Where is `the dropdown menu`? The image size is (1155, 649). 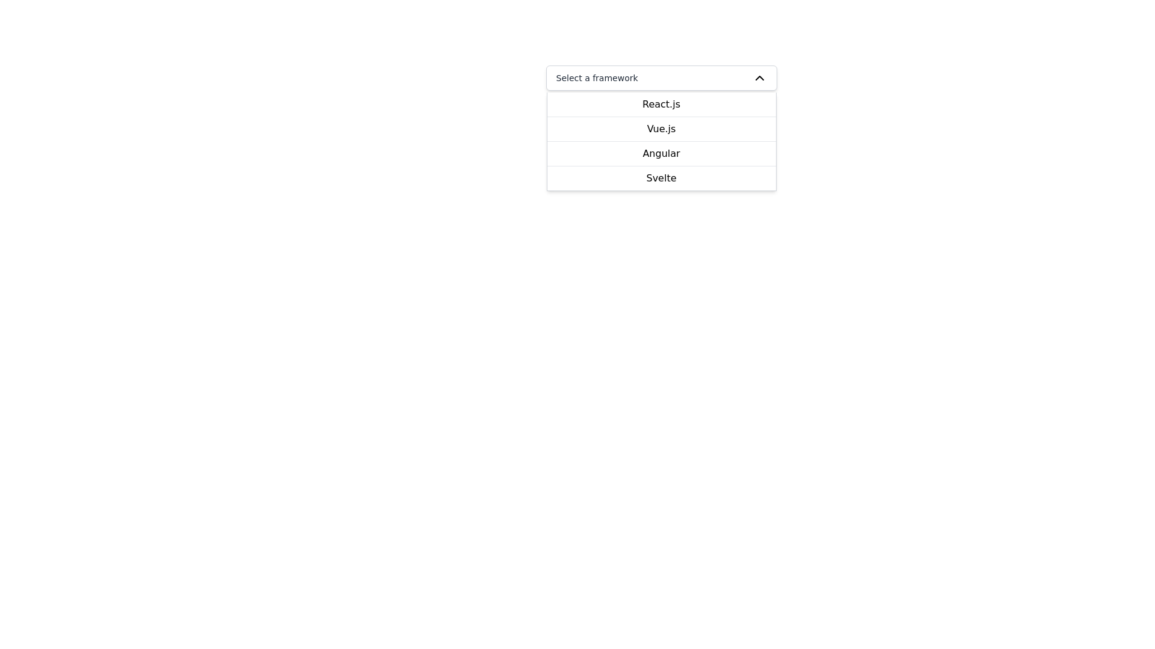
the dropdown menu is located at coordinates (661, 141).